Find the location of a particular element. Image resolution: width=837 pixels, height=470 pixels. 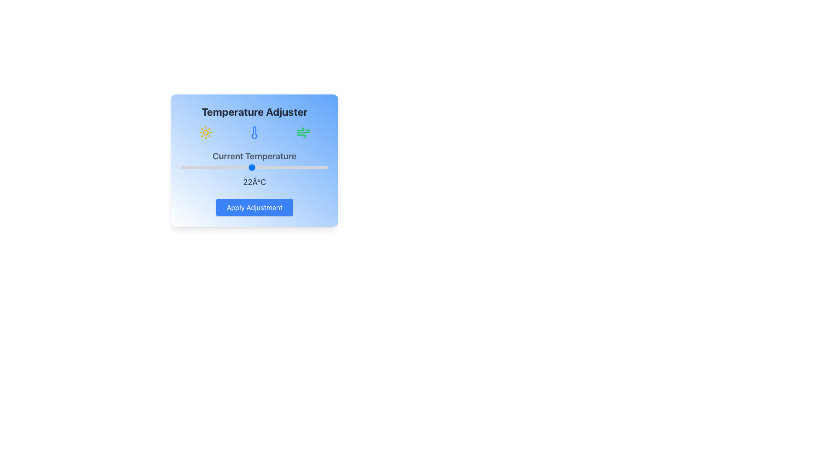

the small filled circle at the center of the sun-like icon in the Temperature Adjuster interface, which is located next to the thermometer and wind icon is located at coordinates (205, 132).